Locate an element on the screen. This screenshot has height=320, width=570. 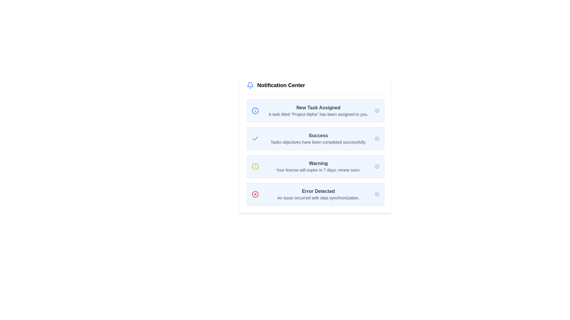
the small circular close button with an 'X' shape at the top-right corner of the 'New Task Assigned' notification card to change its color is located at coordinates (376, 111).